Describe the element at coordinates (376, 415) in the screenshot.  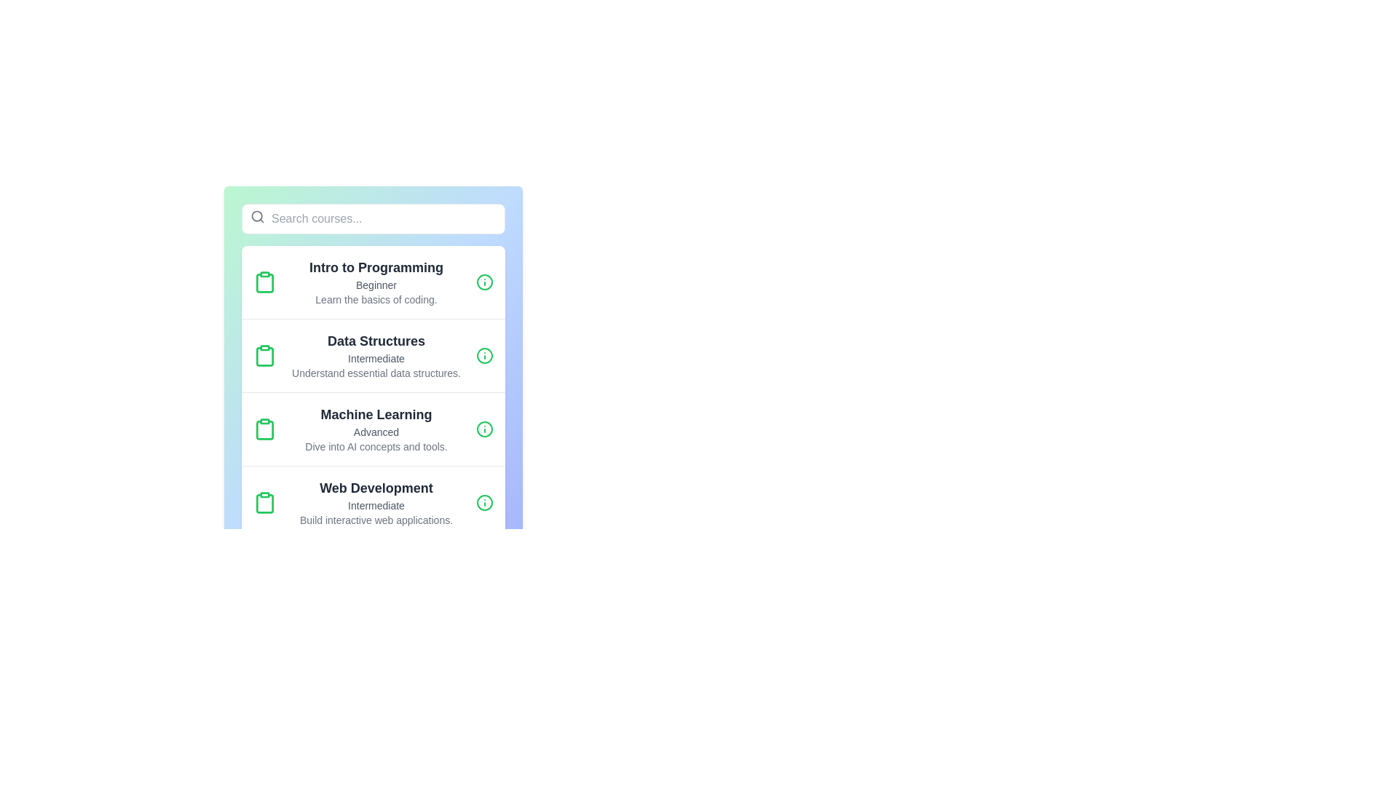
I see `the 'Machine Learning' text block, styled` at that location.